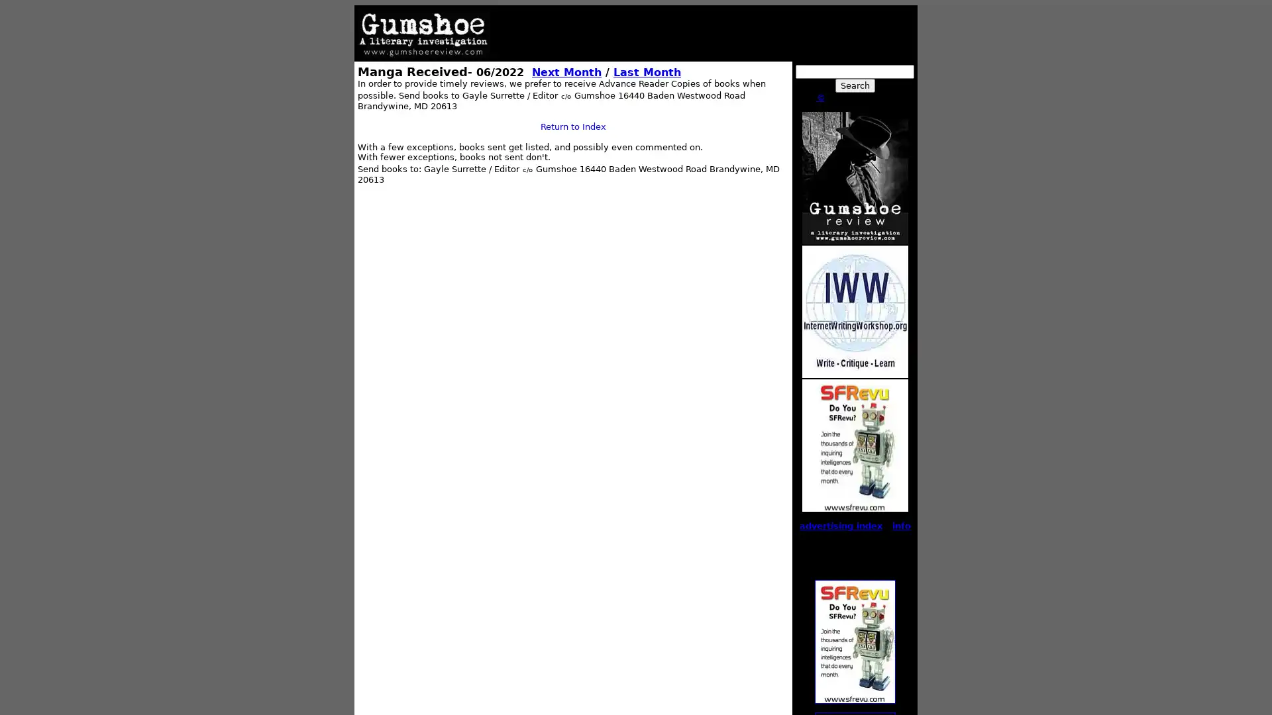 The height and width of the screenshot is (715, 1272). Describe the element at coordinates (855, 85) in the screenshot. I see `Search` at that location.